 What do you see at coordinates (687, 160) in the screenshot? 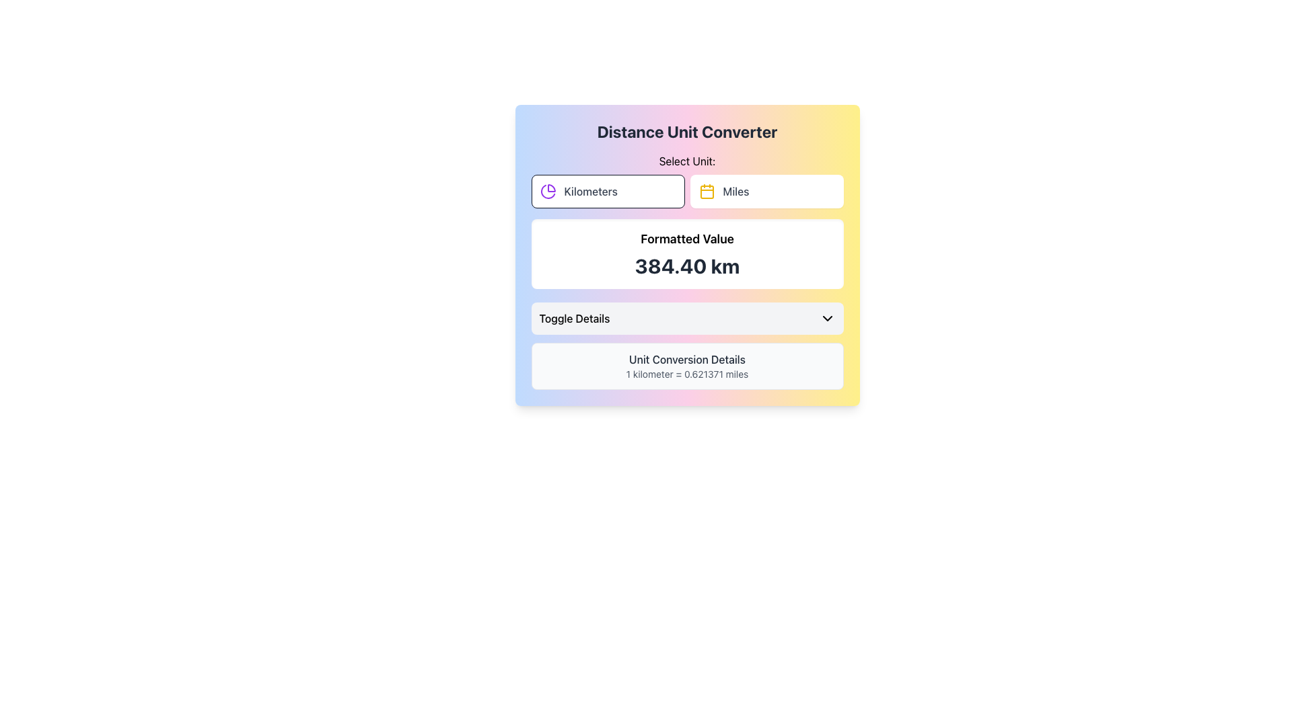
I see `the text label that serves as a header for the unit selection section, located above the 'Kilometers' and 'Miles' buttons` at bounding box center [687, 160].